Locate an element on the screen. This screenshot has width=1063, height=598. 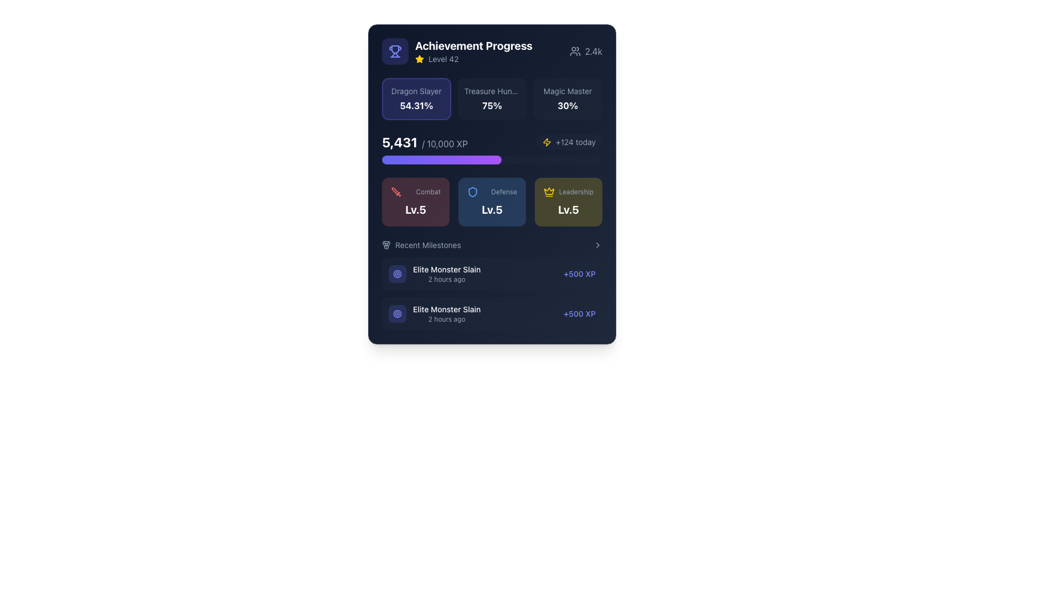
the 'Defense' informational card, which is the second card in a horizontal grid with a blue background and a shield icon is located at coordinates (491, 202).